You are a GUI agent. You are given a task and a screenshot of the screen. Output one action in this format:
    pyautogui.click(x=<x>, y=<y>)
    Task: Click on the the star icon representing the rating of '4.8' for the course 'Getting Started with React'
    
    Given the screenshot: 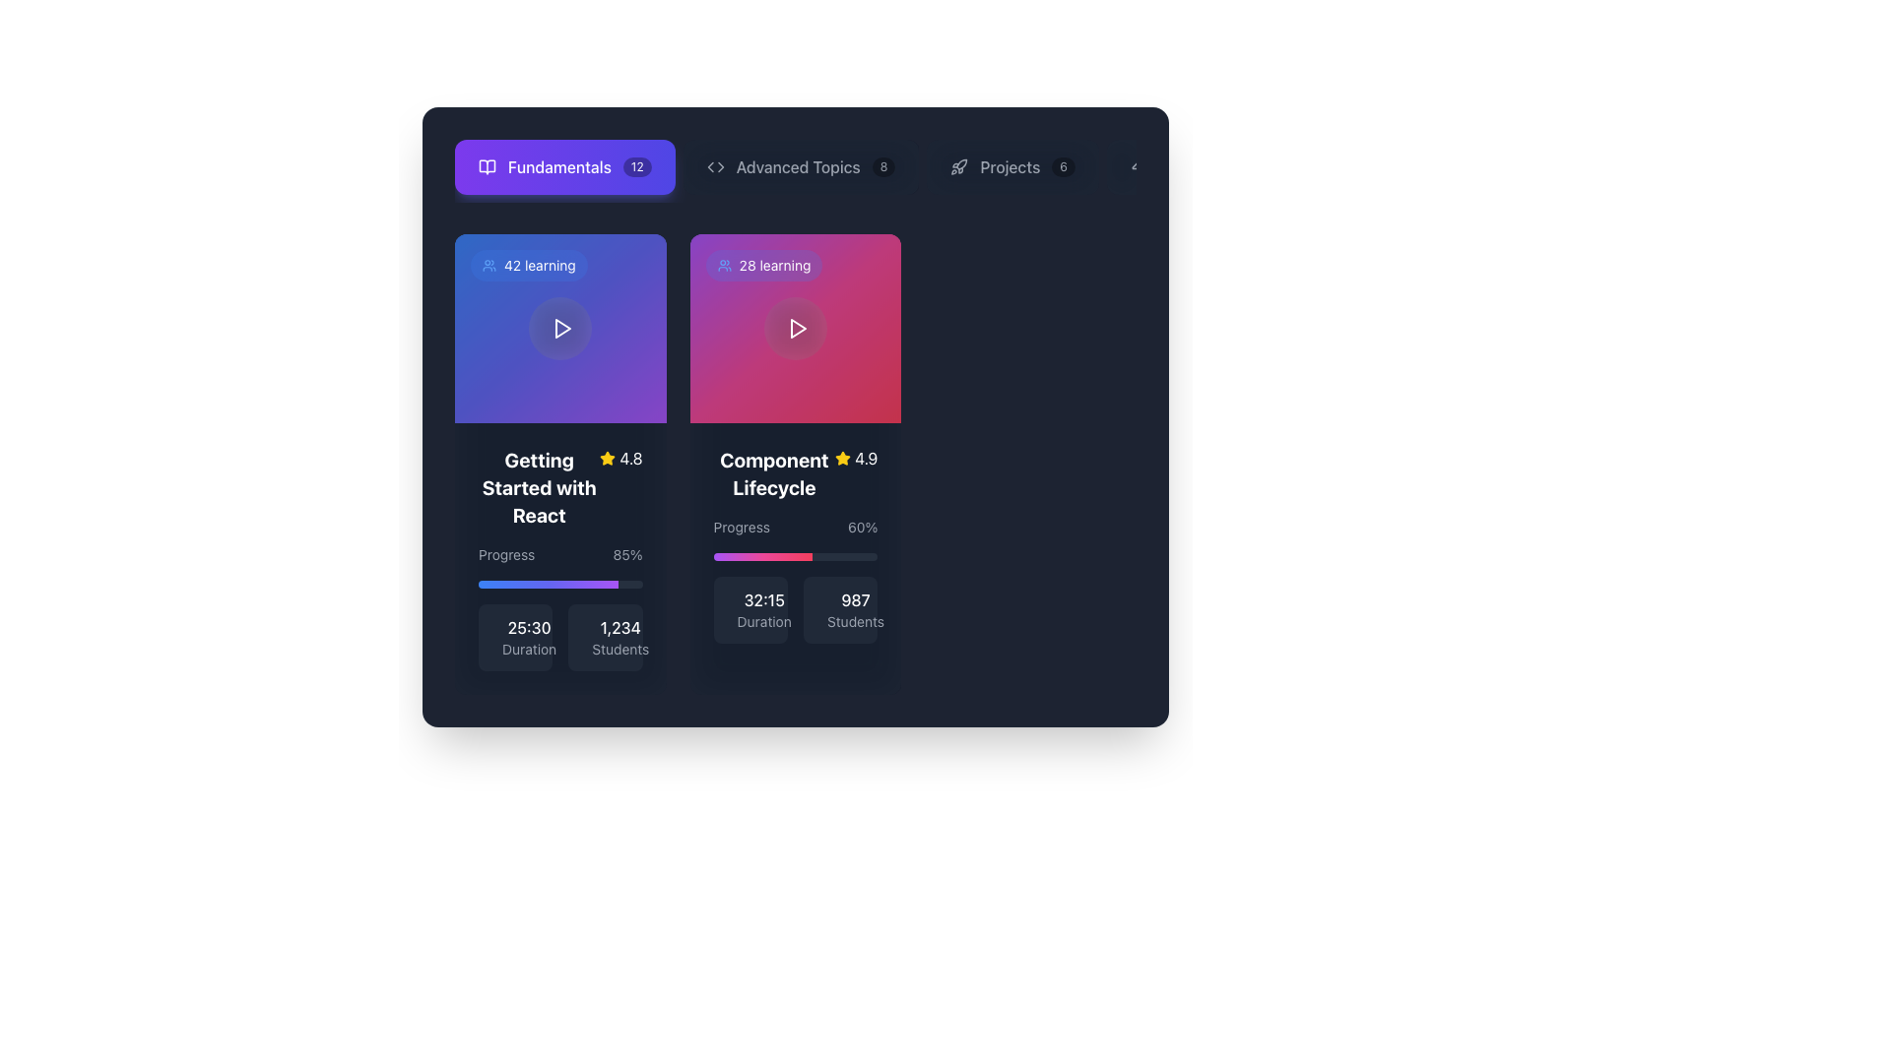 What is the action you would take?
    pyautogui.click(x=607, y=459)
    